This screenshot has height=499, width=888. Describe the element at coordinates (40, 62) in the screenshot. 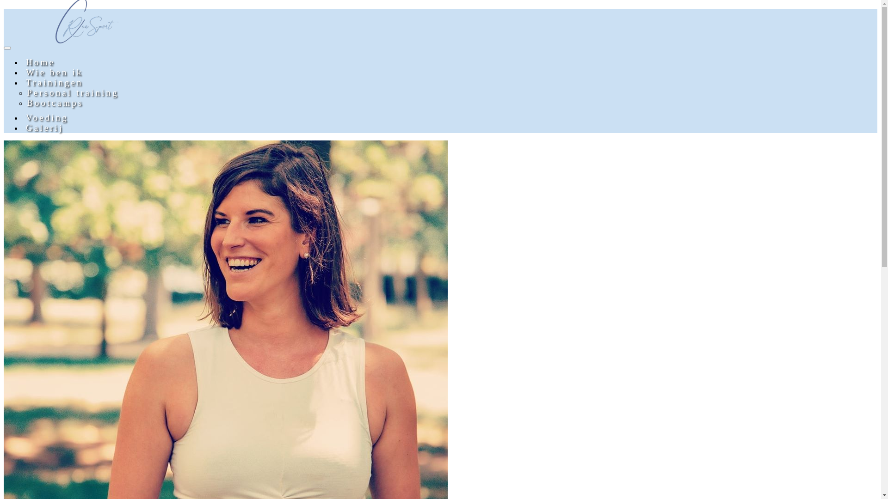

I see `'Home'` at that location.